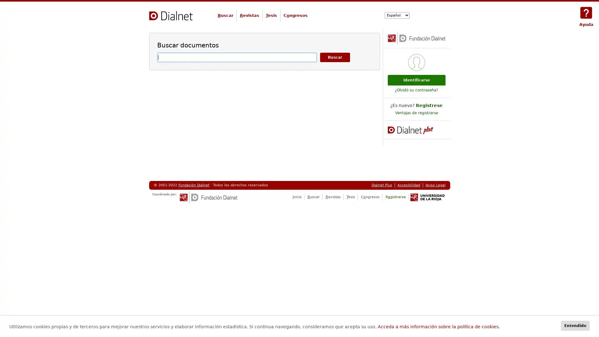  I want to click on Buscar, so click(334, 57).